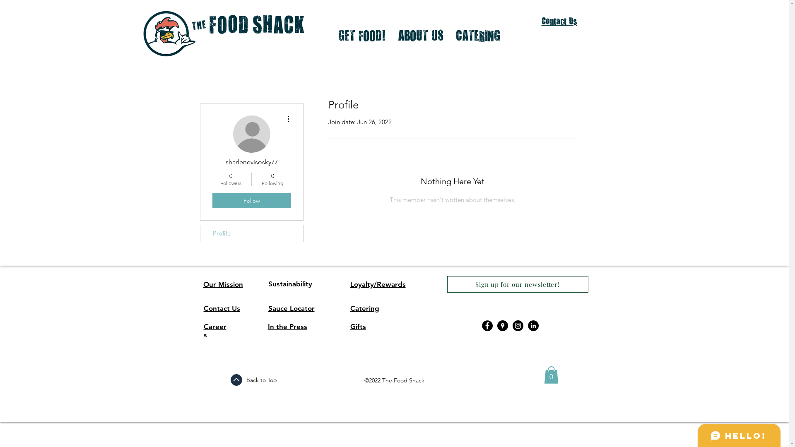 The image size is (795, 447). I want to click on 'GET FOOD!', so click(361, 35).